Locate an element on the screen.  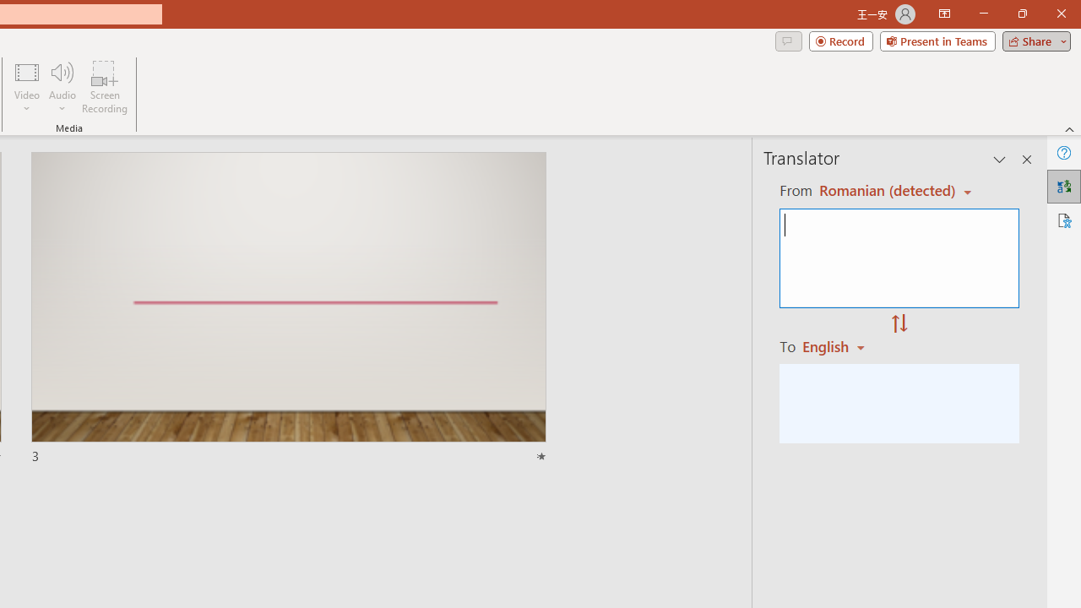
'Screen Recording...' is located at coordinates (104, 87).